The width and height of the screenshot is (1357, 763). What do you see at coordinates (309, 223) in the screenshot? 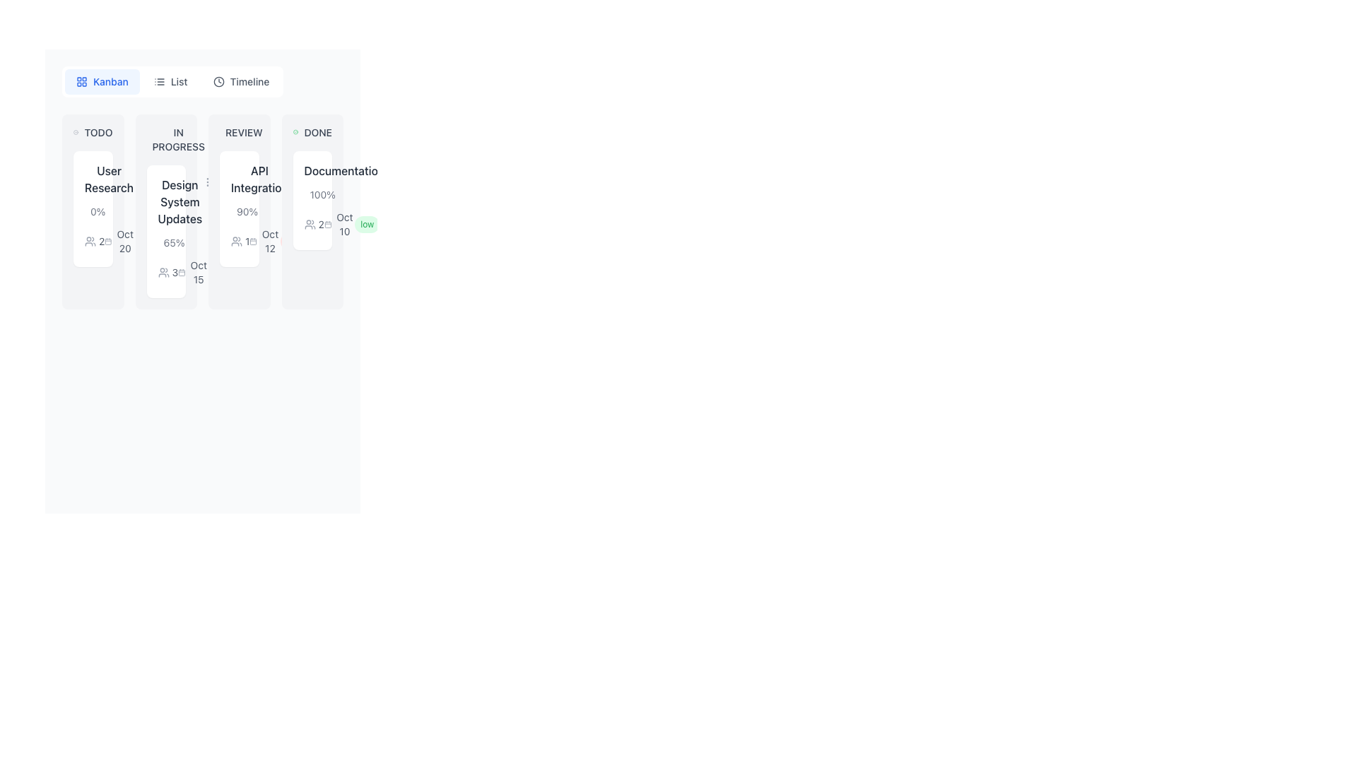
I see `the user collaboration icon located in the 'Done' column of the kanban board, under the 'Documentation' card, which is associated with the number '2'` at bounding box center [309, 223].